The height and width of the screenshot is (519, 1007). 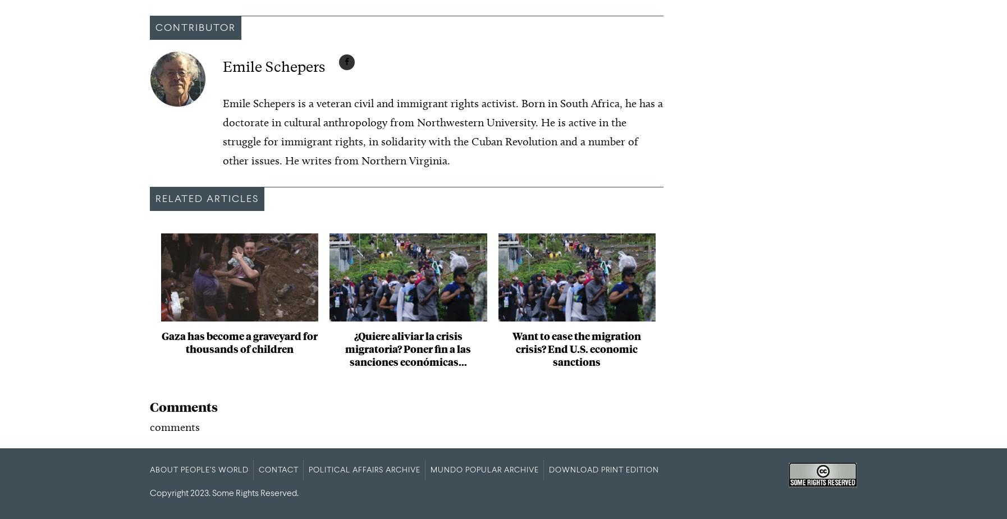 I want to click on 'CONTRIBUTOR', so click(x=154, y=27).